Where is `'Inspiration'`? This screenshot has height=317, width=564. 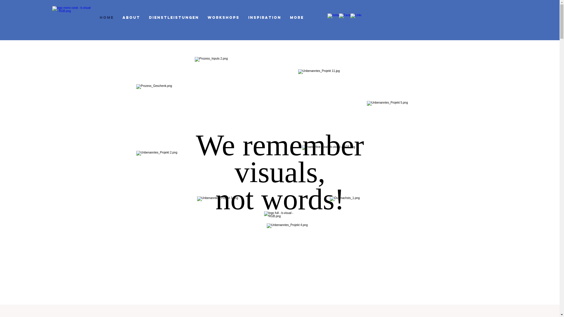 'Inspiration' is located at coordinates (264, 17).